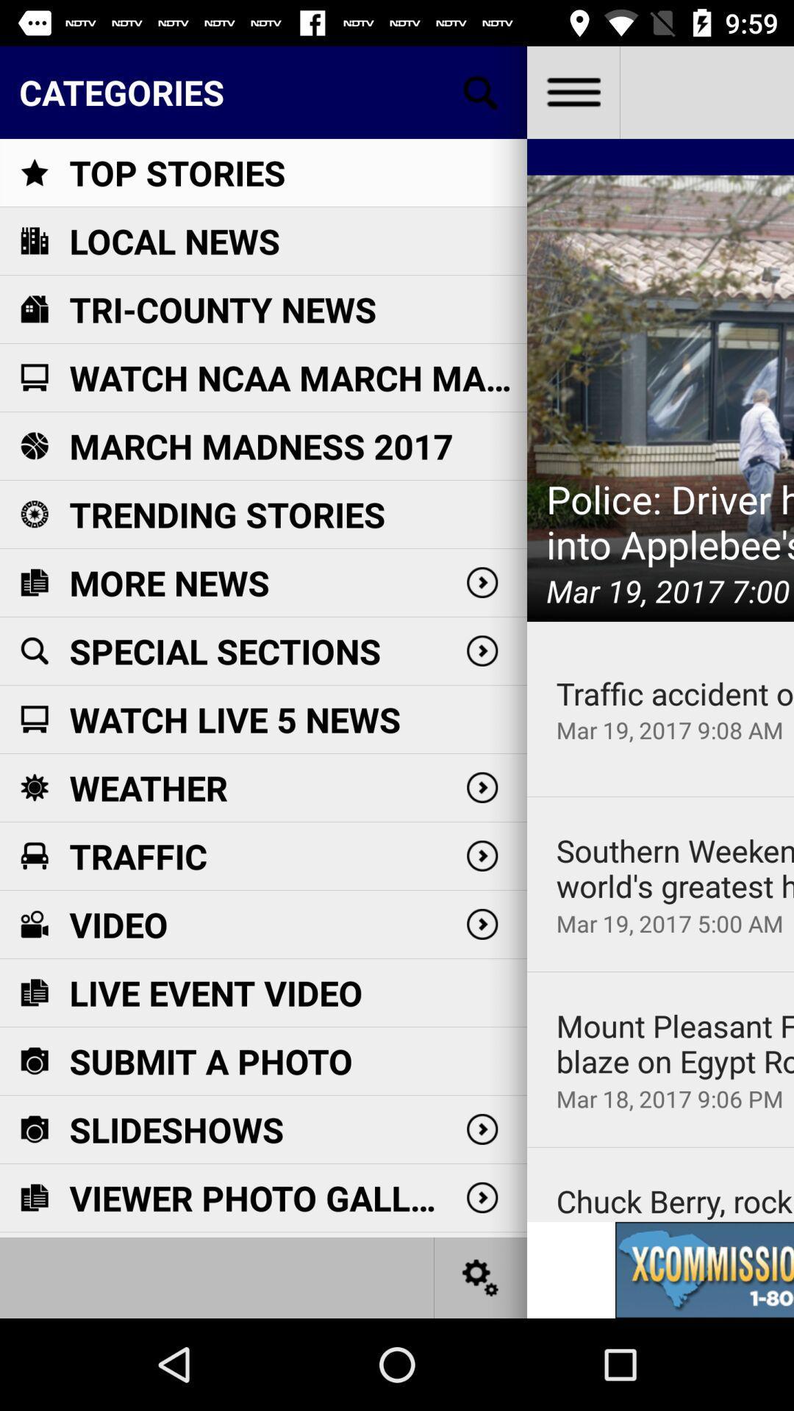 This screenshot has height=1411, width=794. What do you see at coordinates (33, 377) in the screenshot?
I see `the fourth icon under the categories` at bounding box center [33, 377].